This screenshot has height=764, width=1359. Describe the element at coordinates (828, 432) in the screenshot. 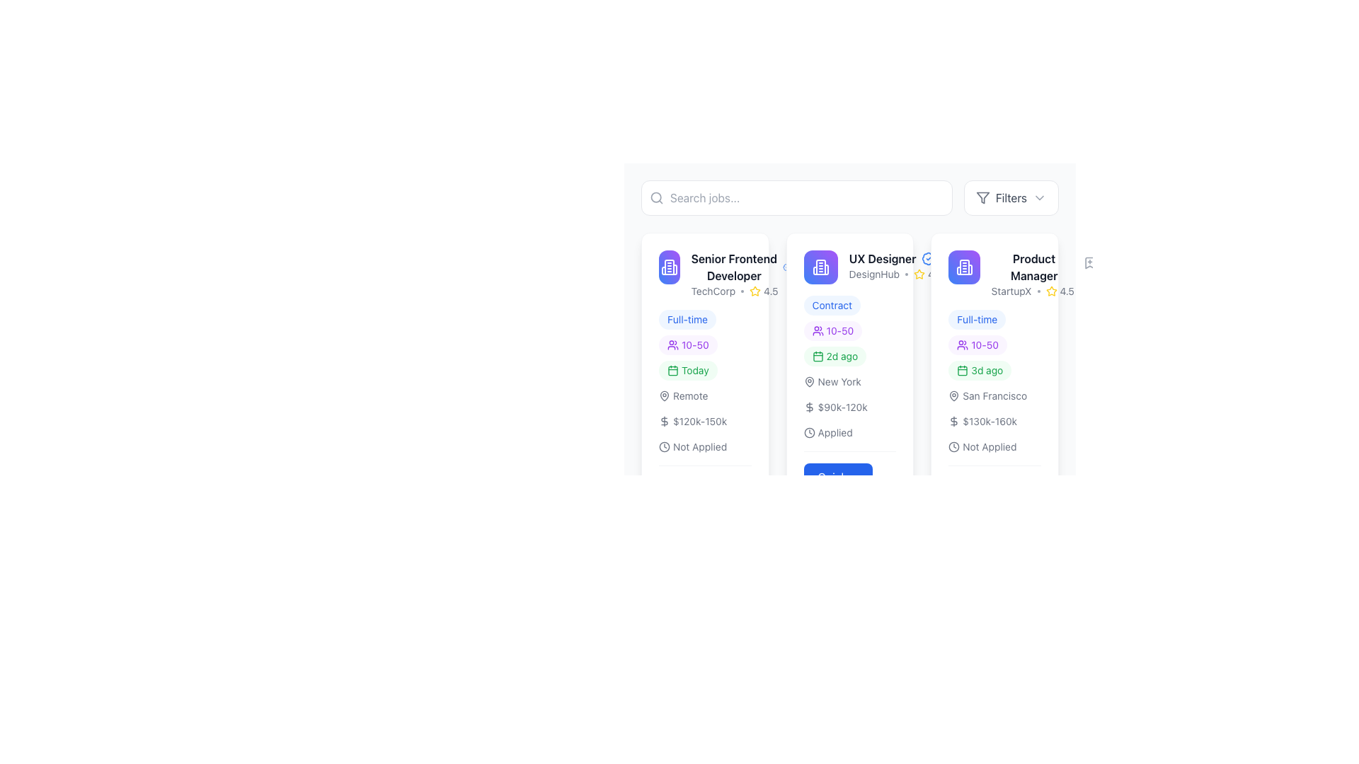

I see `the Status indicator that consists of a clock icon followed by the text 'Applied', located within the 'UX Designer' job card, positioned near the bottom below the text '$90k-120k'` at that location.